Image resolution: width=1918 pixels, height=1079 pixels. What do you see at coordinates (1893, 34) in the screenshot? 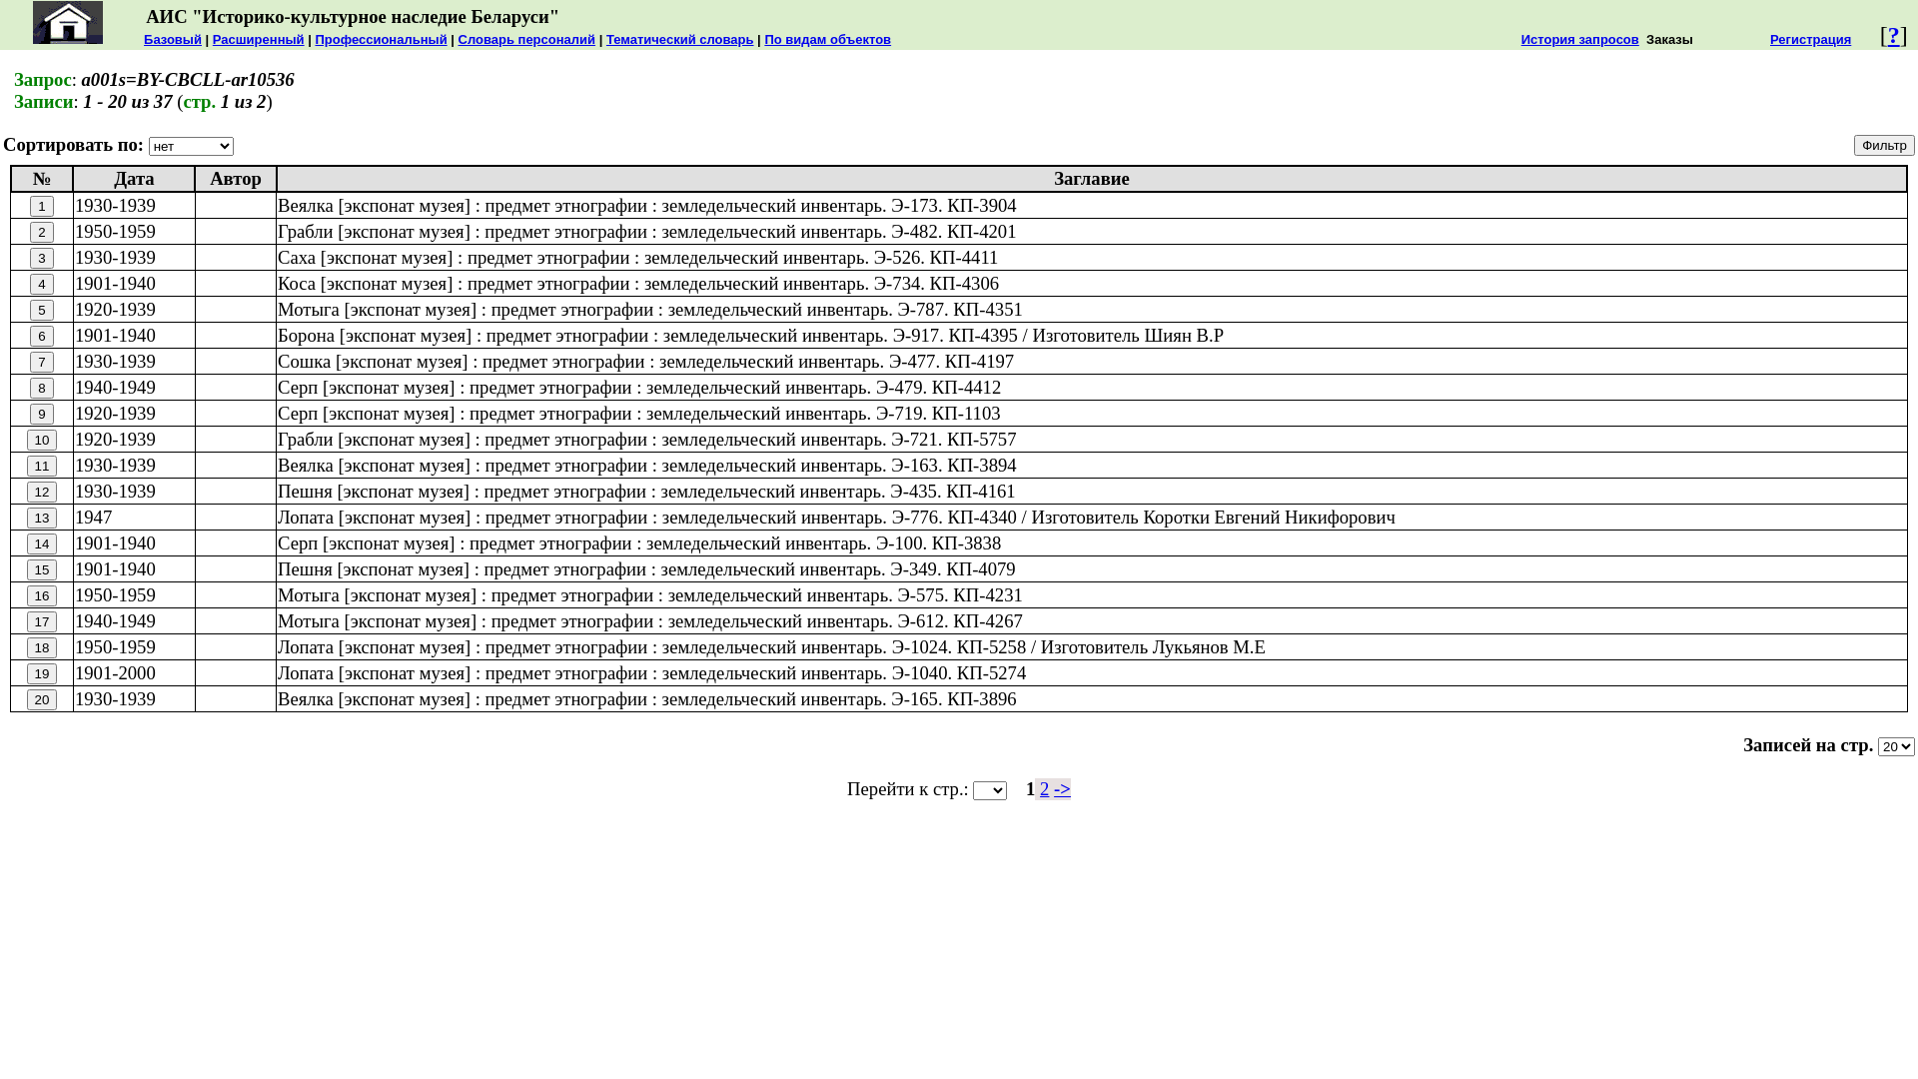
I see `'?'` at bounding box center [1893, 34].